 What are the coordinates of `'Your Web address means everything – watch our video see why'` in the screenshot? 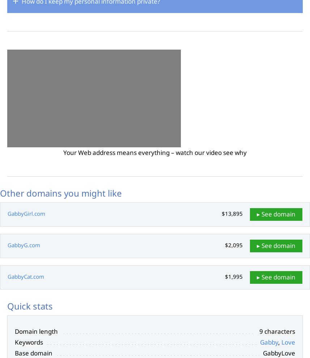 It's located at (63, 152).